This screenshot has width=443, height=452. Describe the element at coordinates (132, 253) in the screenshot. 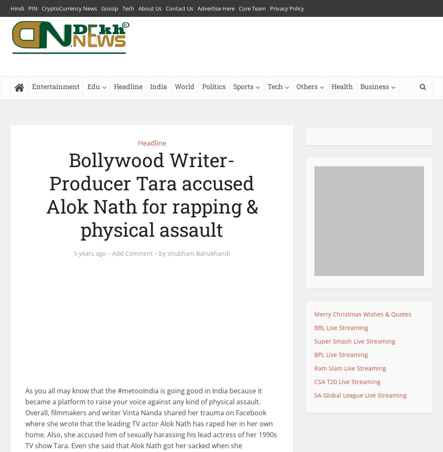

I see `'Add Comment'` at that location.